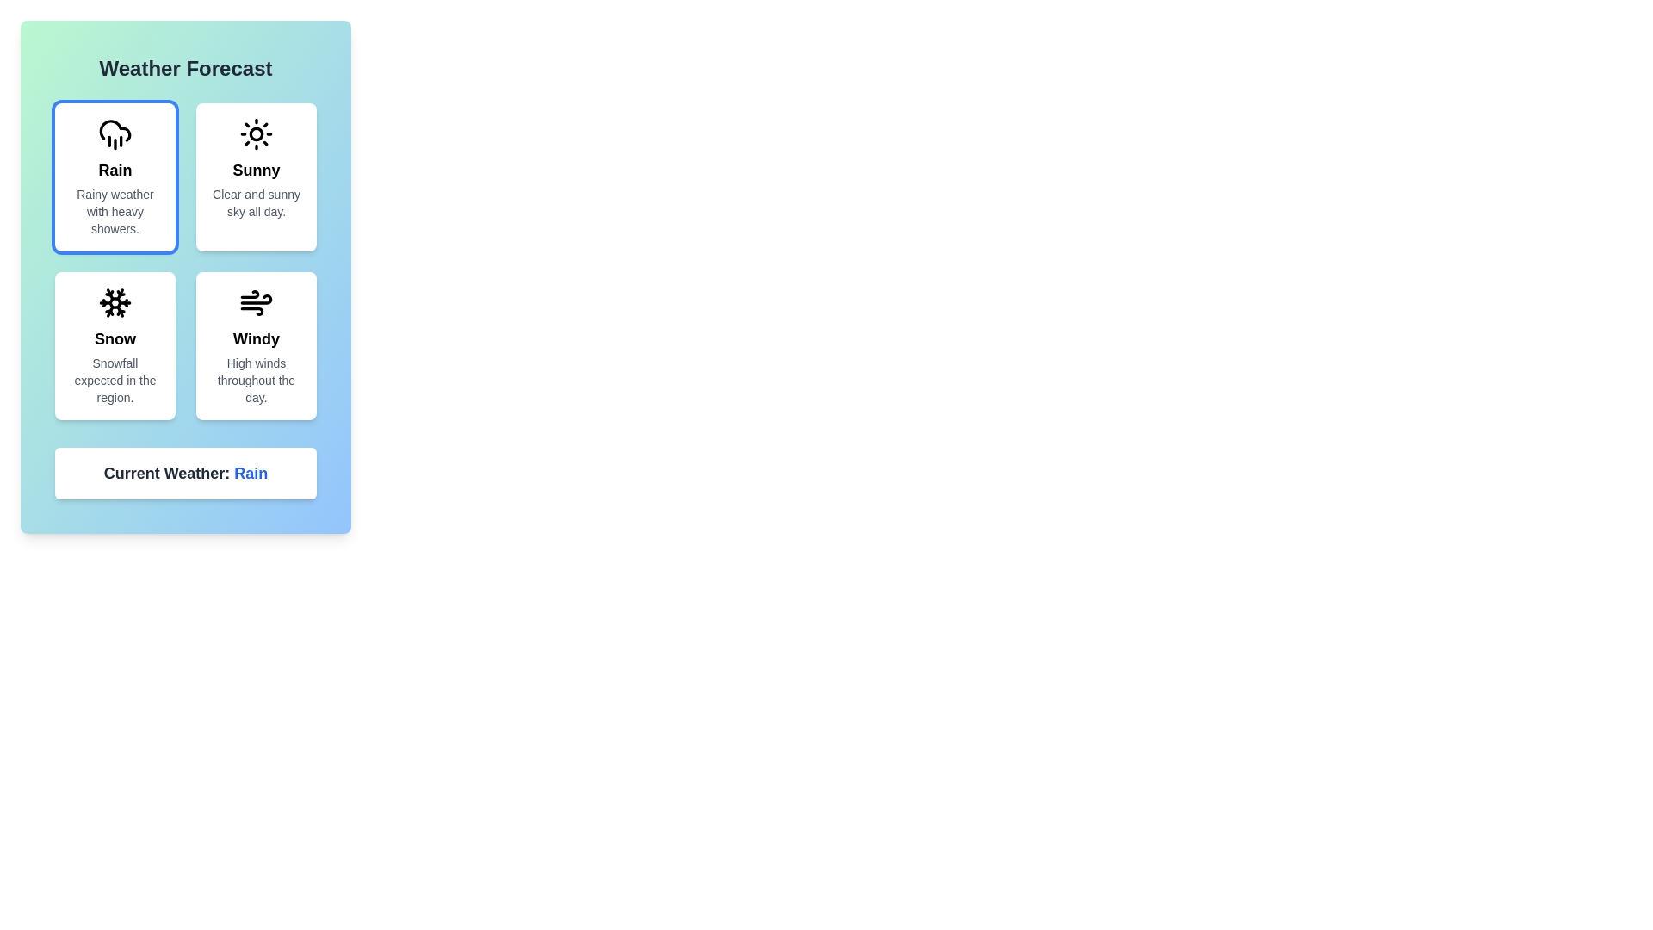 Image resolution: width=1653 pixels, height=930 pixels. I want to click on the Static Label displaying the text 'Rain', which is styled in bold and large font, located centrally in the first weather forecast card below the rainy weather icon, so click(115, 170).